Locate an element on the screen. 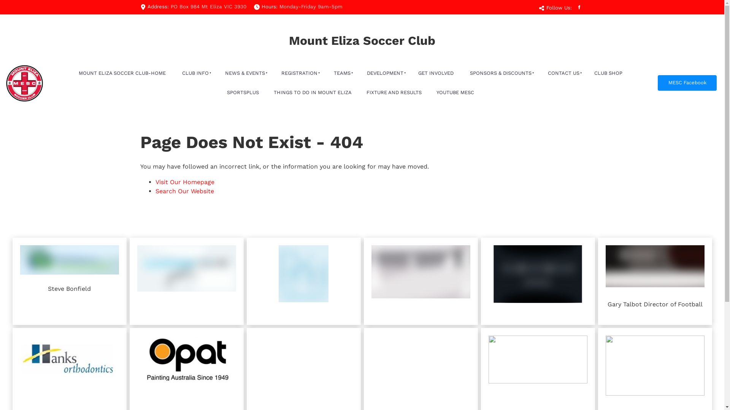  'THINGS TO DO IN MOUNT ELIZA' is located at coordinates (312, 92).